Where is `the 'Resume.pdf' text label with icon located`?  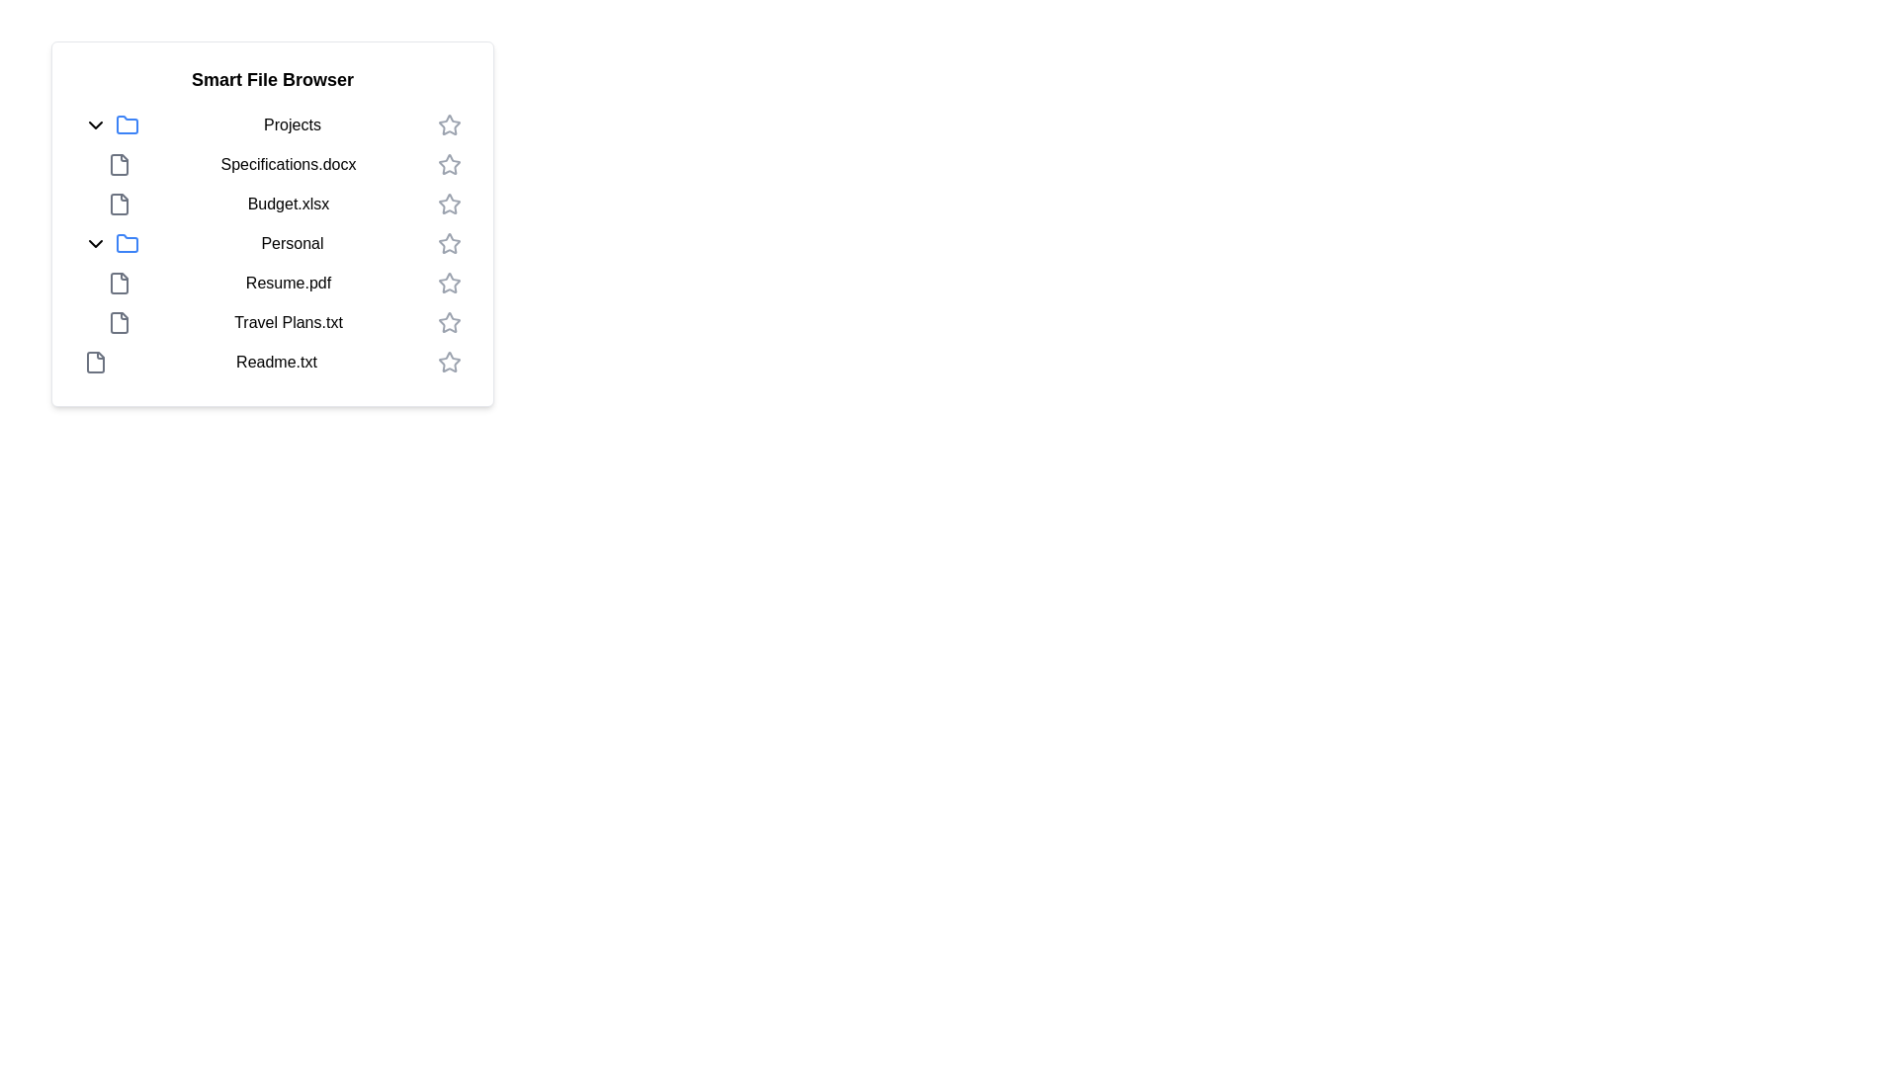
the 'Resume.pdf' text label with icon located is located at coordinates (271, 283).